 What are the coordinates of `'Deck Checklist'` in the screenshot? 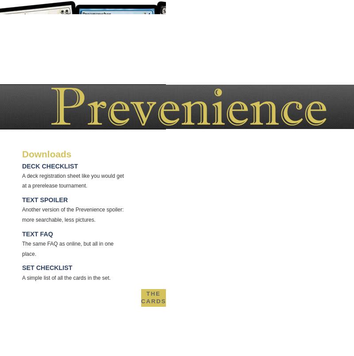 It's located at (49, 166).